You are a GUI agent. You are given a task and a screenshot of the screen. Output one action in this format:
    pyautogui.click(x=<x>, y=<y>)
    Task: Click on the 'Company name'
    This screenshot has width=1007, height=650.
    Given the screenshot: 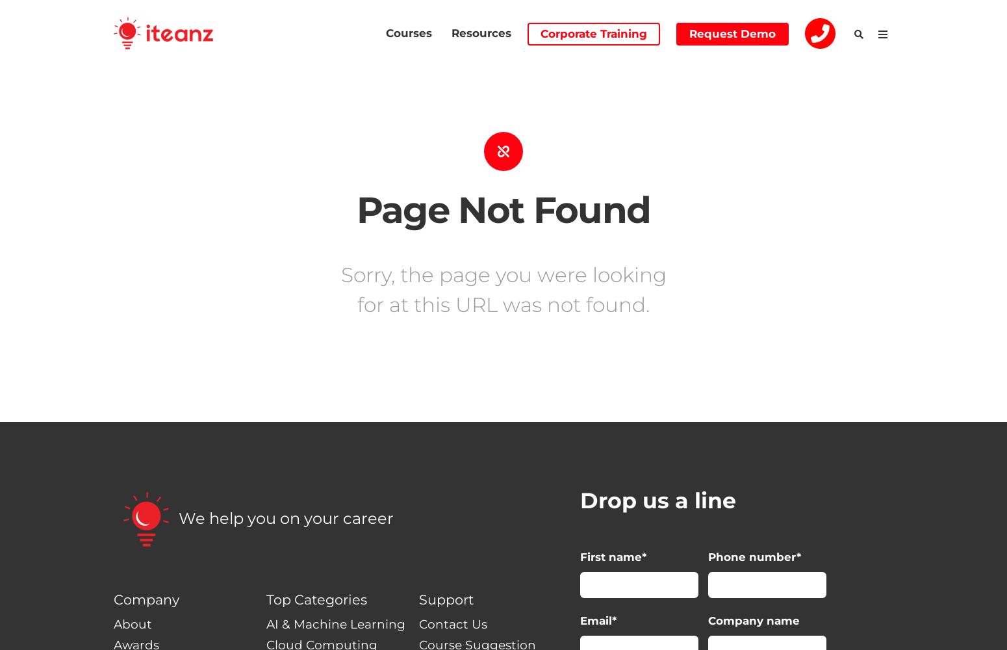 What is the action you would take?
    pyautogui.click(x=753, y=619)
    